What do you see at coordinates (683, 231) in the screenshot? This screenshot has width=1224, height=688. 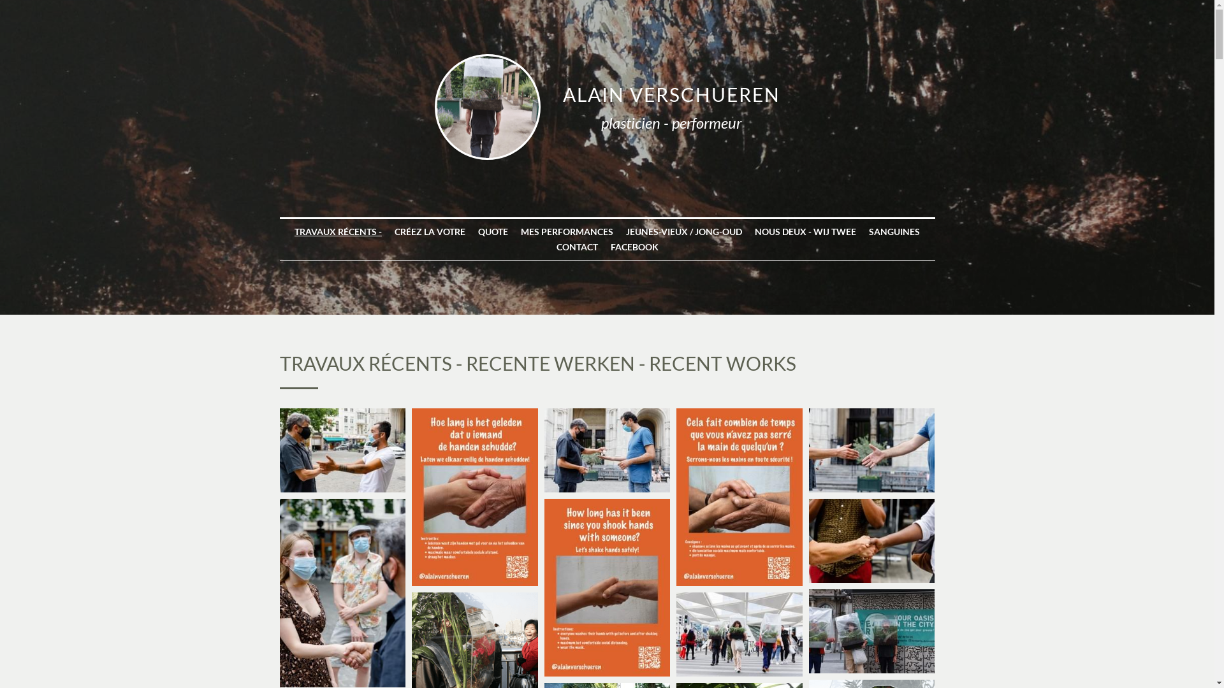 I see `'JEUNES-VIEUX / JONG-OUD'` at bounding box center [683, 231].